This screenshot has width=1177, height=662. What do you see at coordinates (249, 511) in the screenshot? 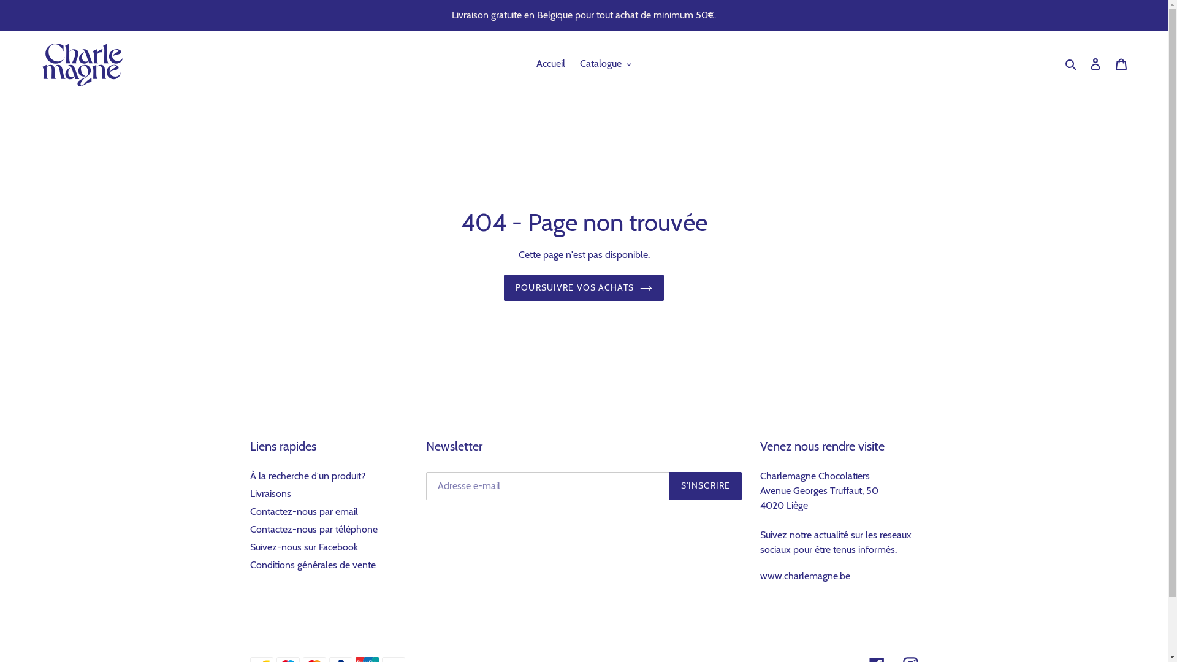
I see `'Contactez-nous par email'` at bounding box center [249, 511].